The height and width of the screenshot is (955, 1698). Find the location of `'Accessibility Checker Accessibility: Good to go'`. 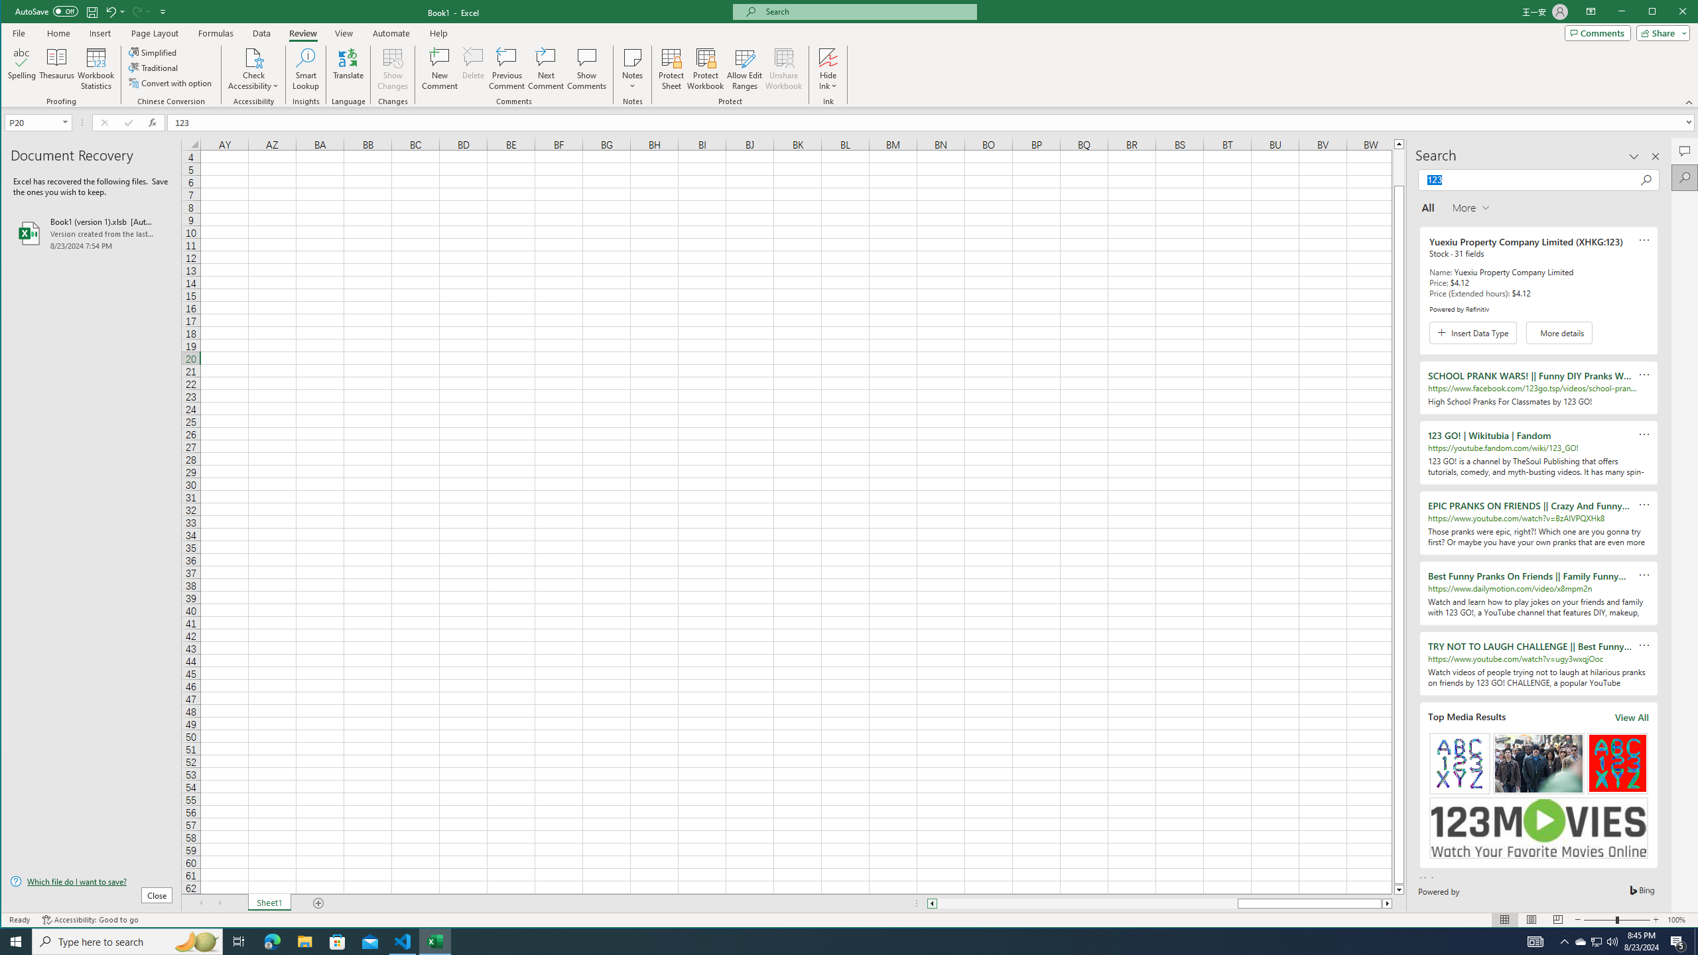

'Accessibility Checker Accessibility: Good to go' is located at coordinates (90, 919).